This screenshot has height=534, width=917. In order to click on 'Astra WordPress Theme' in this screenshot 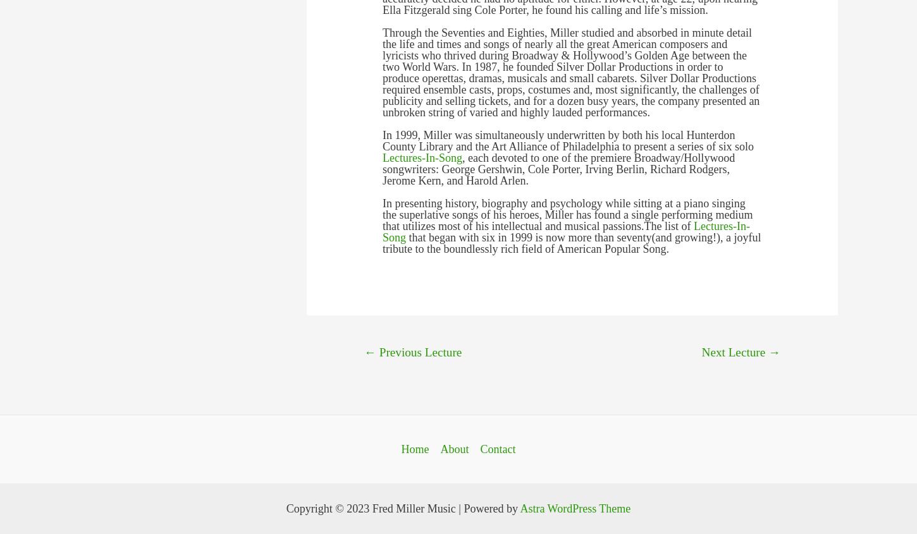, I will do `click(574, 509)`.